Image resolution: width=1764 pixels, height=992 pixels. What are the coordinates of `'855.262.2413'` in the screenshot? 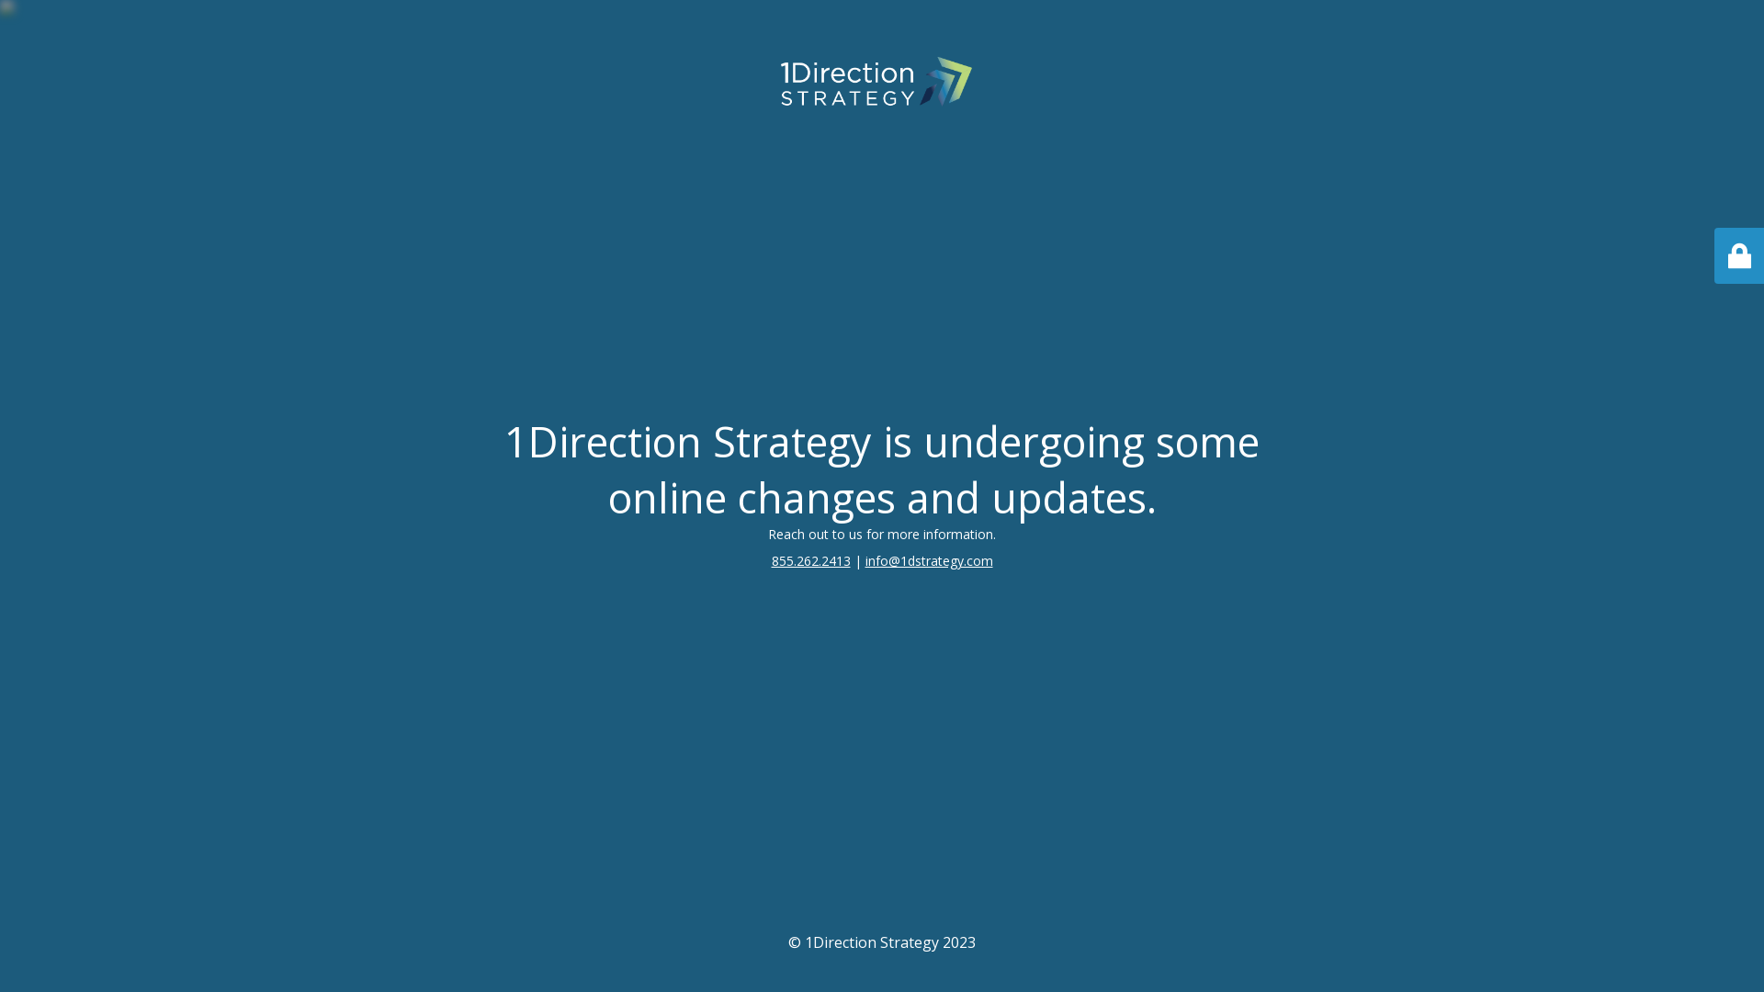 It's located at (772, 559).